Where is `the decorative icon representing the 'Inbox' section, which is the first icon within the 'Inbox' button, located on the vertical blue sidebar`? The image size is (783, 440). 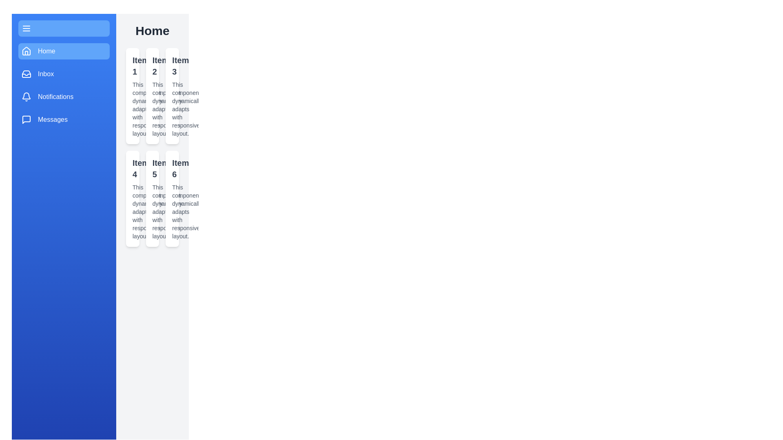
the decorative icon representing the 'Inbox' section, which is the first icon within the 'Inbox' button, located on the vertical blue sidebar is located at coordinates (27, 74).